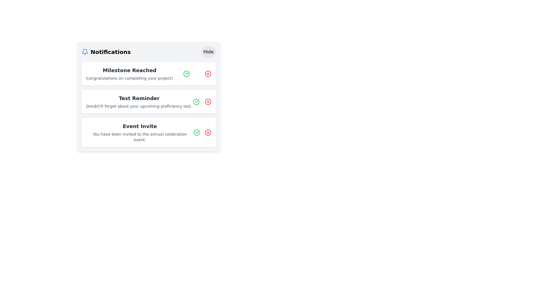  Describe the element at coordinates (139, 102) in the screenshot. I see `the notification text block displaying 'Test Reminder' with the description 'Don’t forget about your upcoming proficiency test.'` at that location.